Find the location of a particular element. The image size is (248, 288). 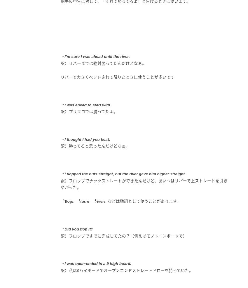

'flop〟〝' is located at coordinates (72, 201).